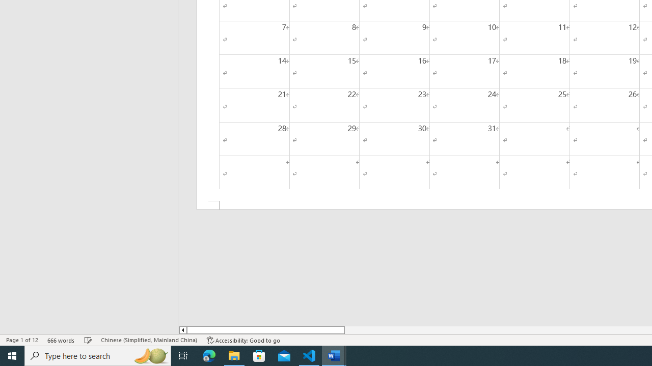 This screenshot has height=366, width=652. Describe the element at coordinates (182, 330) in the screenshot. I see `'Column left'` at that location.